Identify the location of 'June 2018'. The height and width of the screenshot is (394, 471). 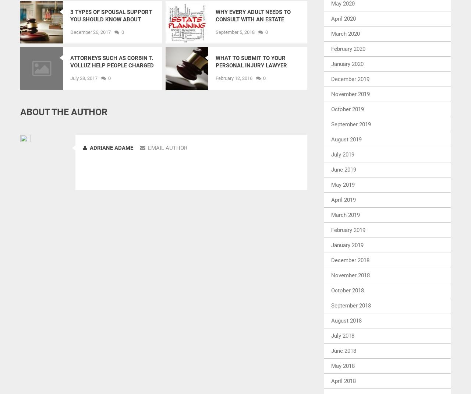
(343, 350).